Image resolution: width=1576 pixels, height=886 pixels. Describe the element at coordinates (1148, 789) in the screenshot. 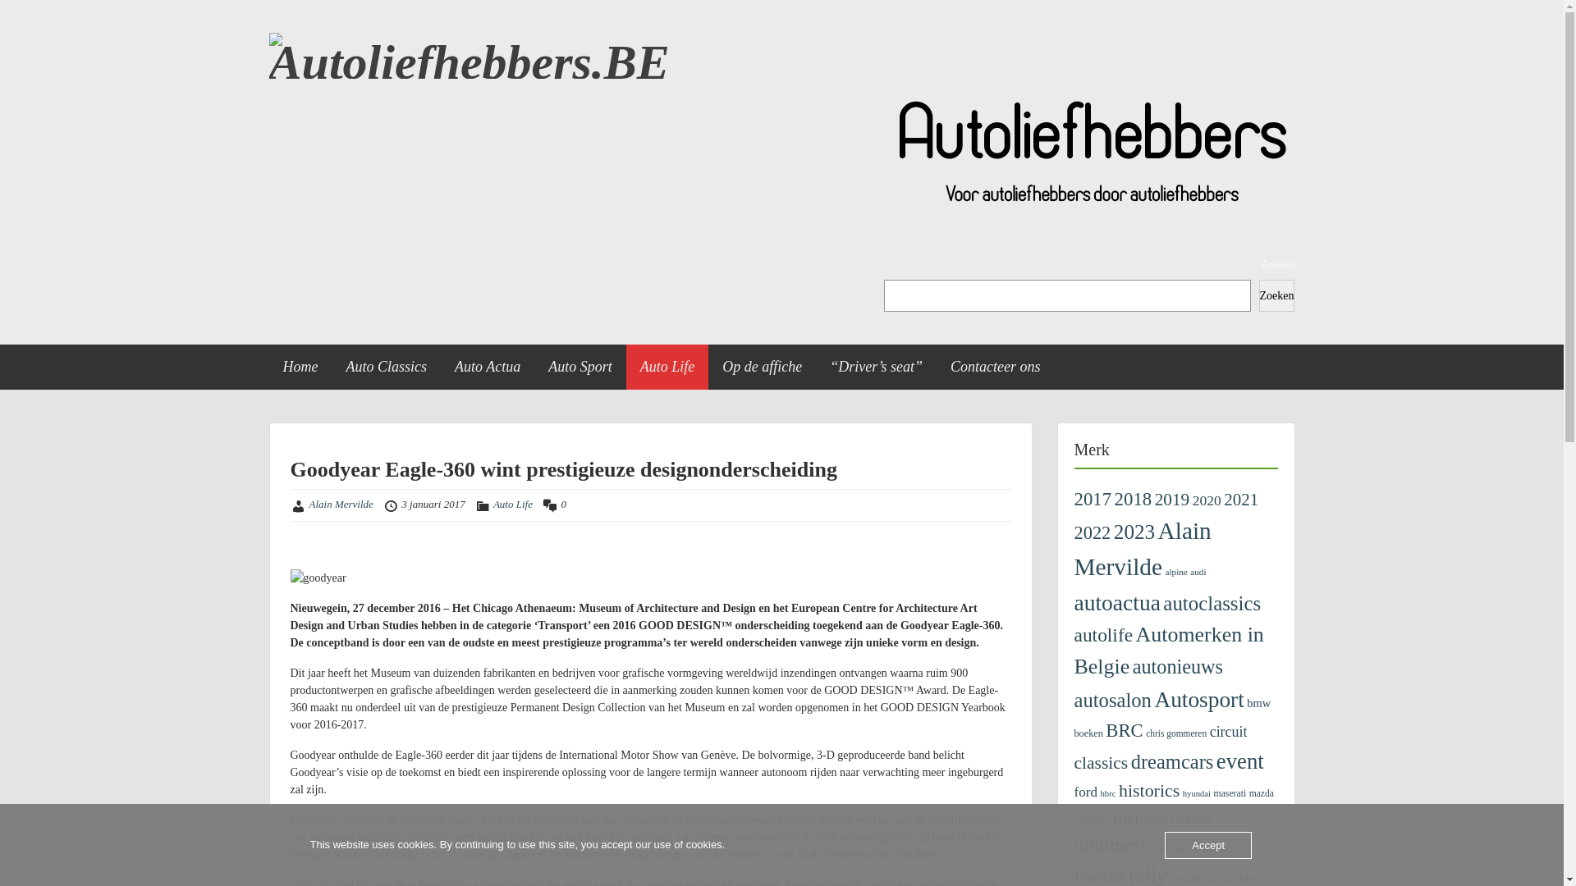

I see `'historics'` at that location.